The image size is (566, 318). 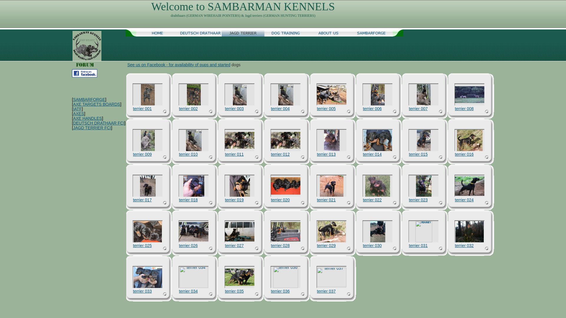 I want to click on 'terrier 024', so click(x=469, y=186).